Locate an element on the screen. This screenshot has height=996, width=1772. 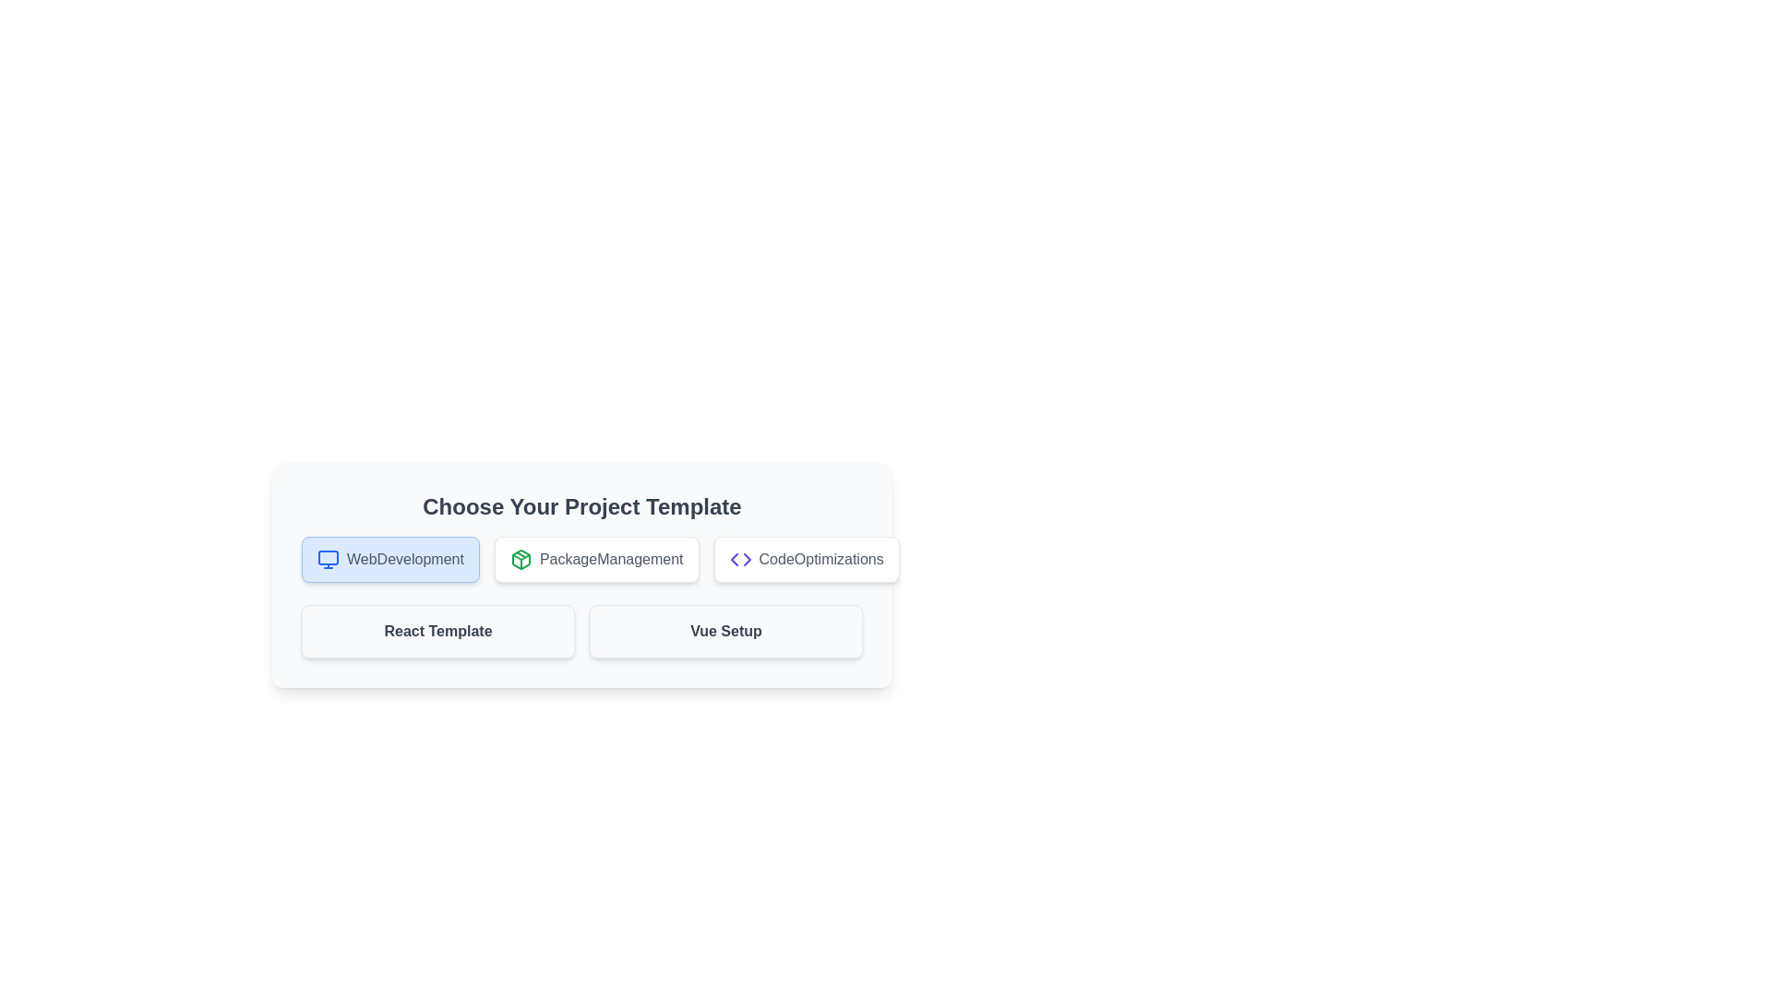
the 'Vue Setup' button is located at coordinates (725, 631).